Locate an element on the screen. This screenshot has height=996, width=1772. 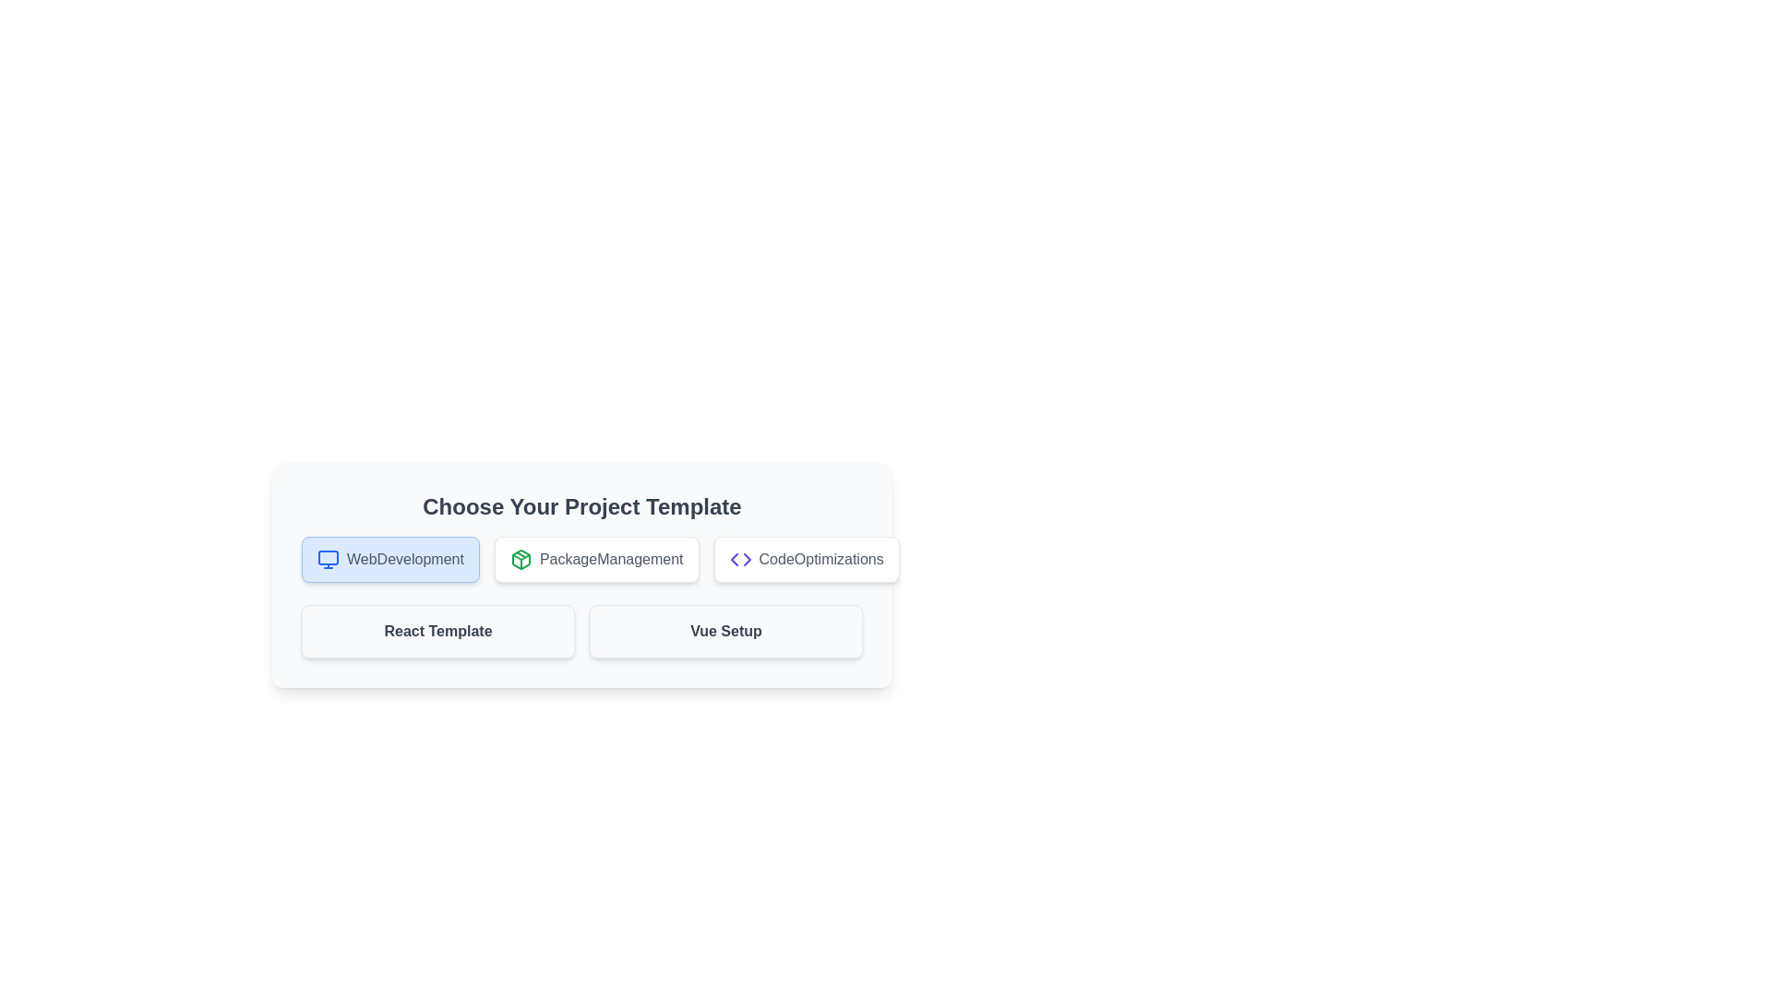
the 'Vue Setup' button is located at coordinates (725, 631).